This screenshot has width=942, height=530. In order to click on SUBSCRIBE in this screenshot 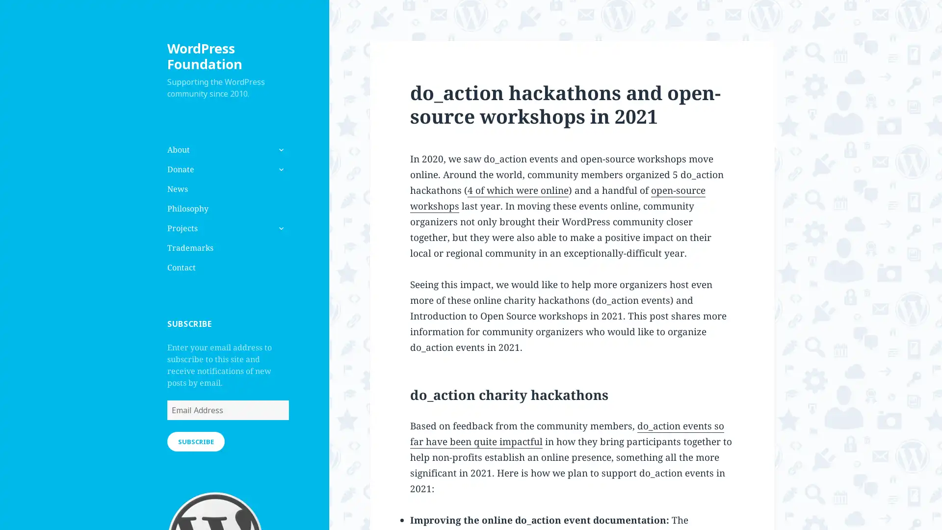, I will do `click(195, 440)`.